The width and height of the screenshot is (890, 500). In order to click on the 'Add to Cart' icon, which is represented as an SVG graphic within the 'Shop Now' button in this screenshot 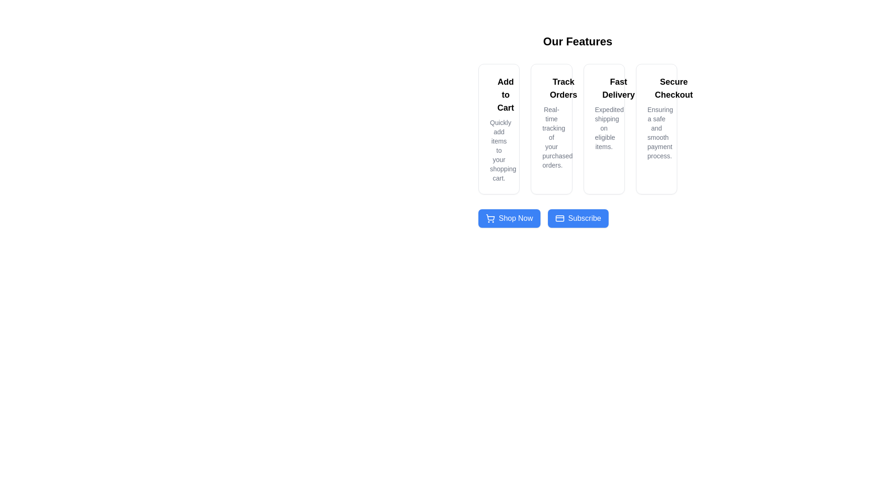, I will do `click(490, 217)`.